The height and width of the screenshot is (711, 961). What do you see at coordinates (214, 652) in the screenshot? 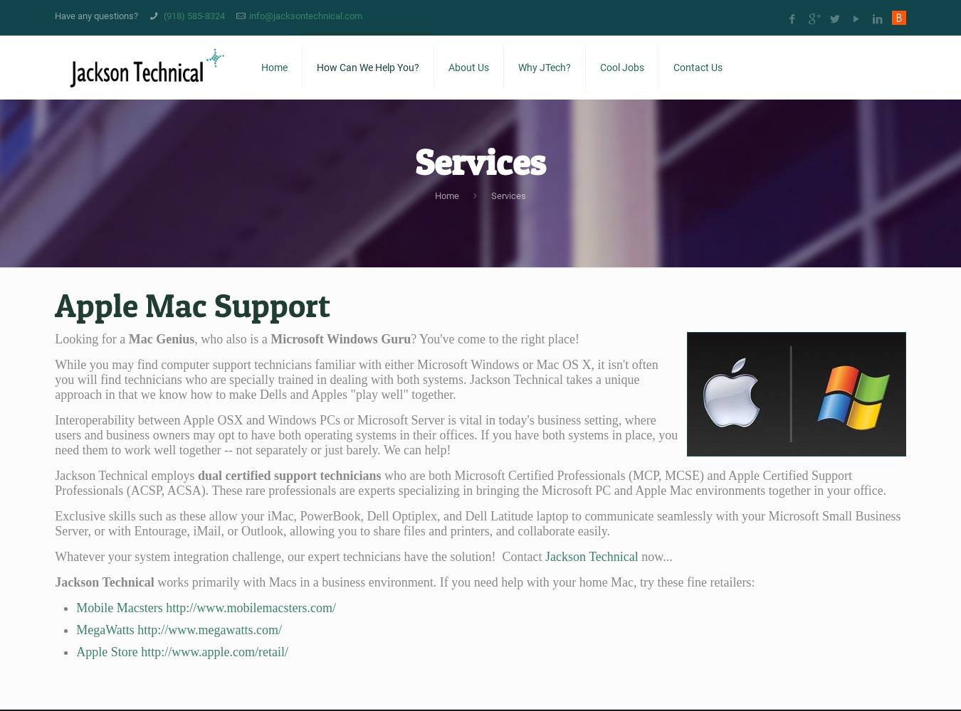
I see `'http://www.apple.com/retail/'` at bounding box center [214, 652].